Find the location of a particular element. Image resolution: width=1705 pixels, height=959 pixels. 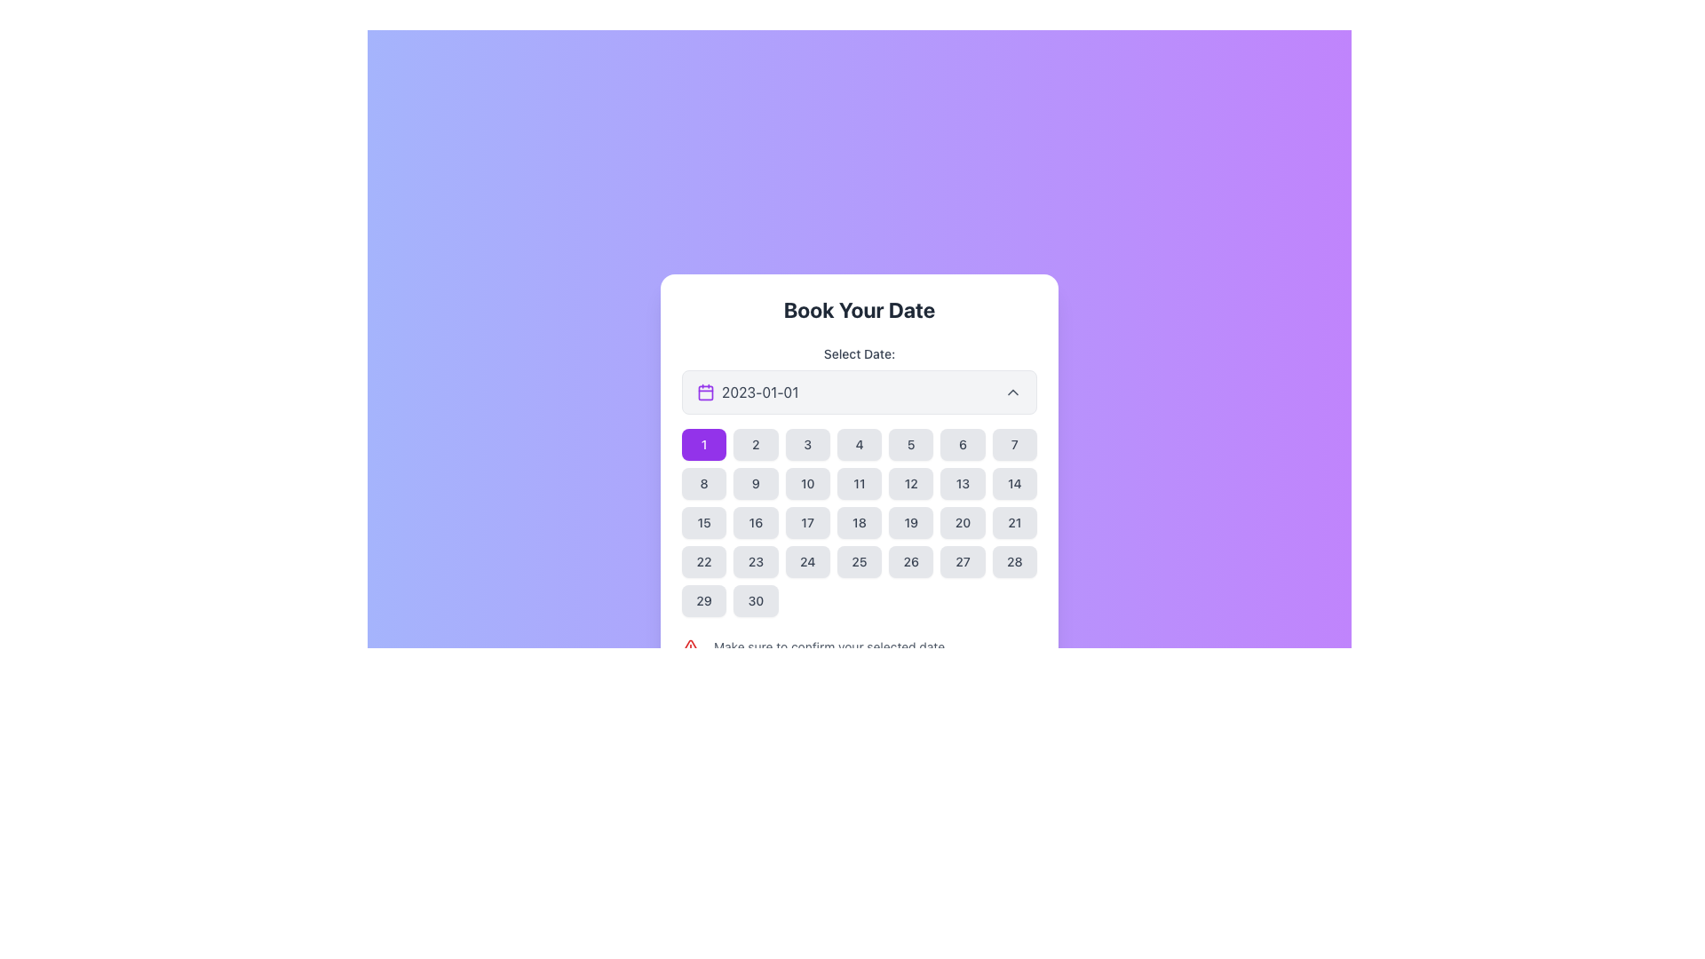

the chevron-up icon located at the far right of the date input field in the 'Select Date' section is located at coordinates (1013, 392).